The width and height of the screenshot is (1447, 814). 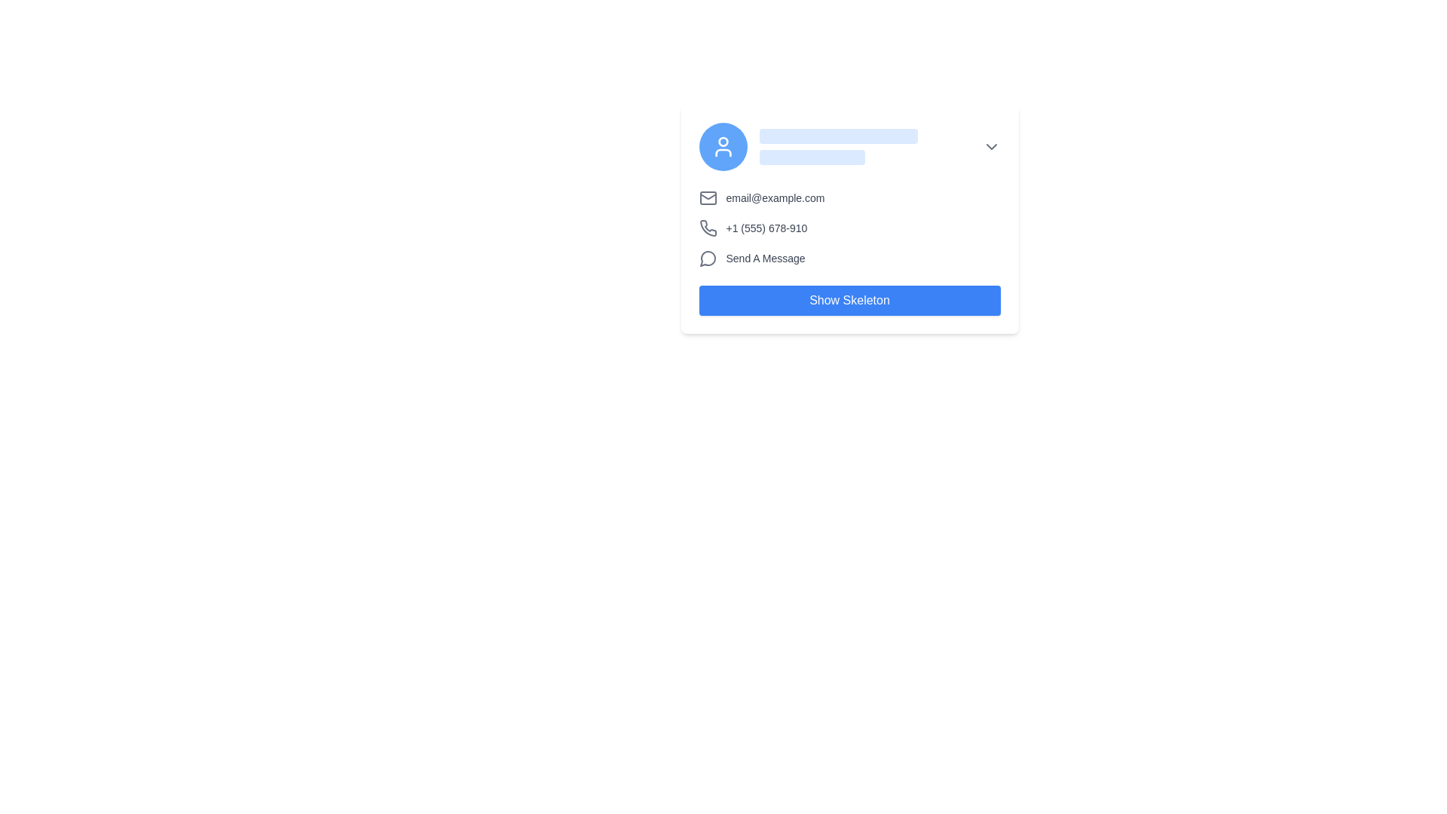 I want to click on the central SVG Circle of the user profile icon located at the top left corner of the card layout, so click(x=722, y=142).